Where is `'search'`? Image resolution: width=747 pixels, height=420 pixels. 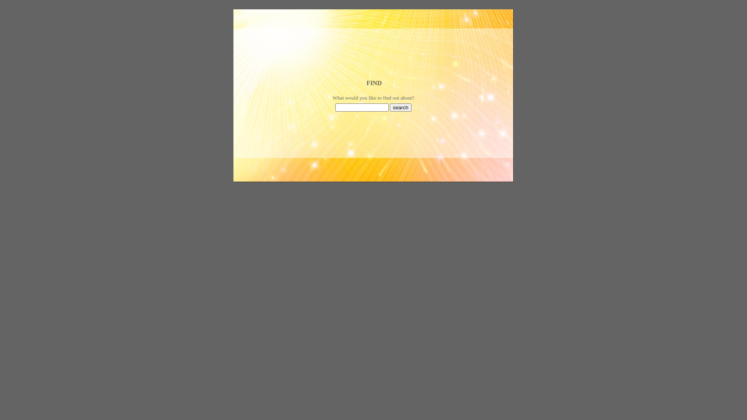
'search' is located at coordinates (401, 107).